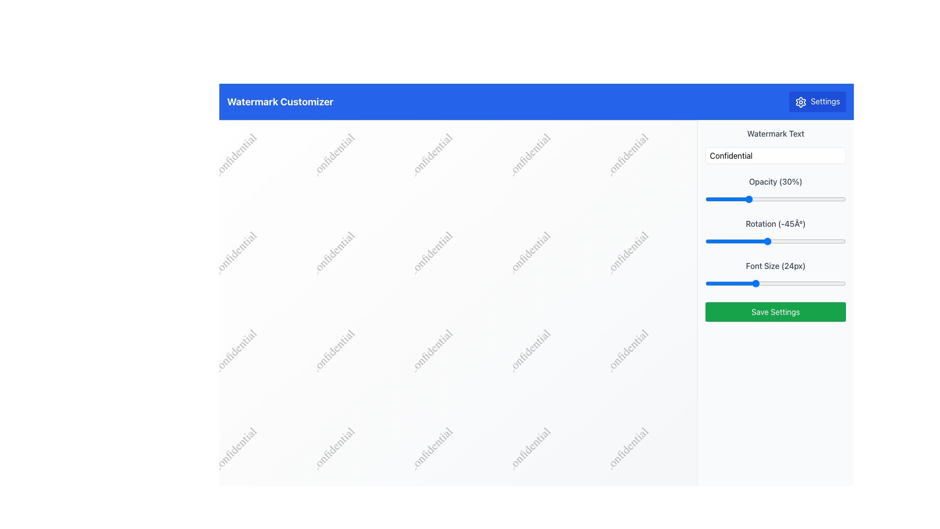 The image size is (940, 529). Describe the element at coordinates (768, 198) in the screenshot. I see `the opacity` at that location.